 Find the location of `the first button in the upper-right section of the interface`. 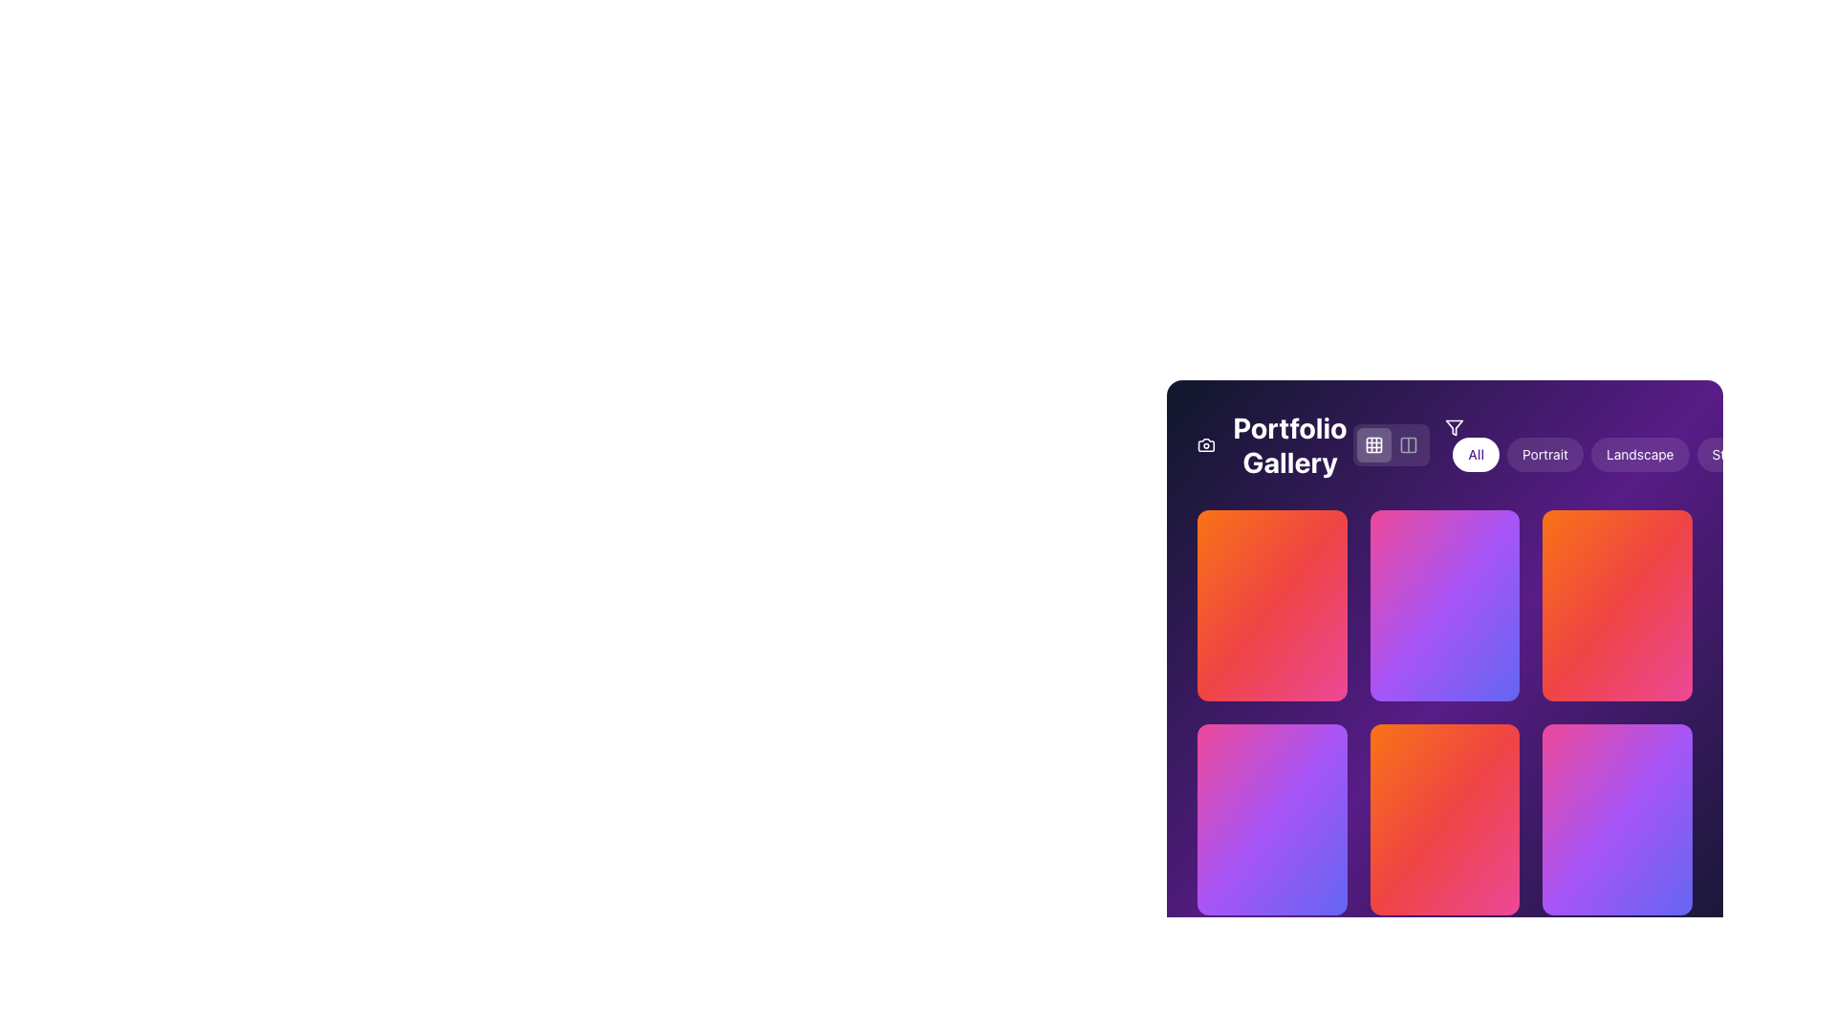

the first button in the upper-right section of the interface is located at coordinates (1373, 445).